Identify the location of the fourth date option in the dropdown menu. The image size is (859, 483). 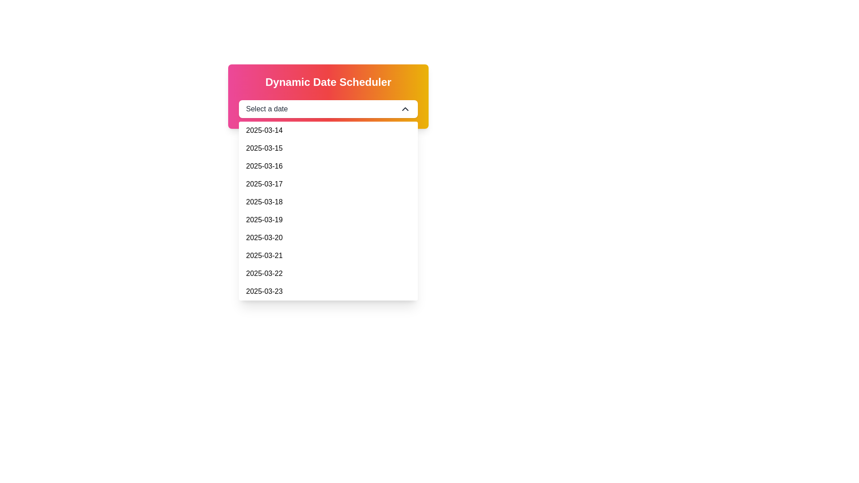
(264, 184).